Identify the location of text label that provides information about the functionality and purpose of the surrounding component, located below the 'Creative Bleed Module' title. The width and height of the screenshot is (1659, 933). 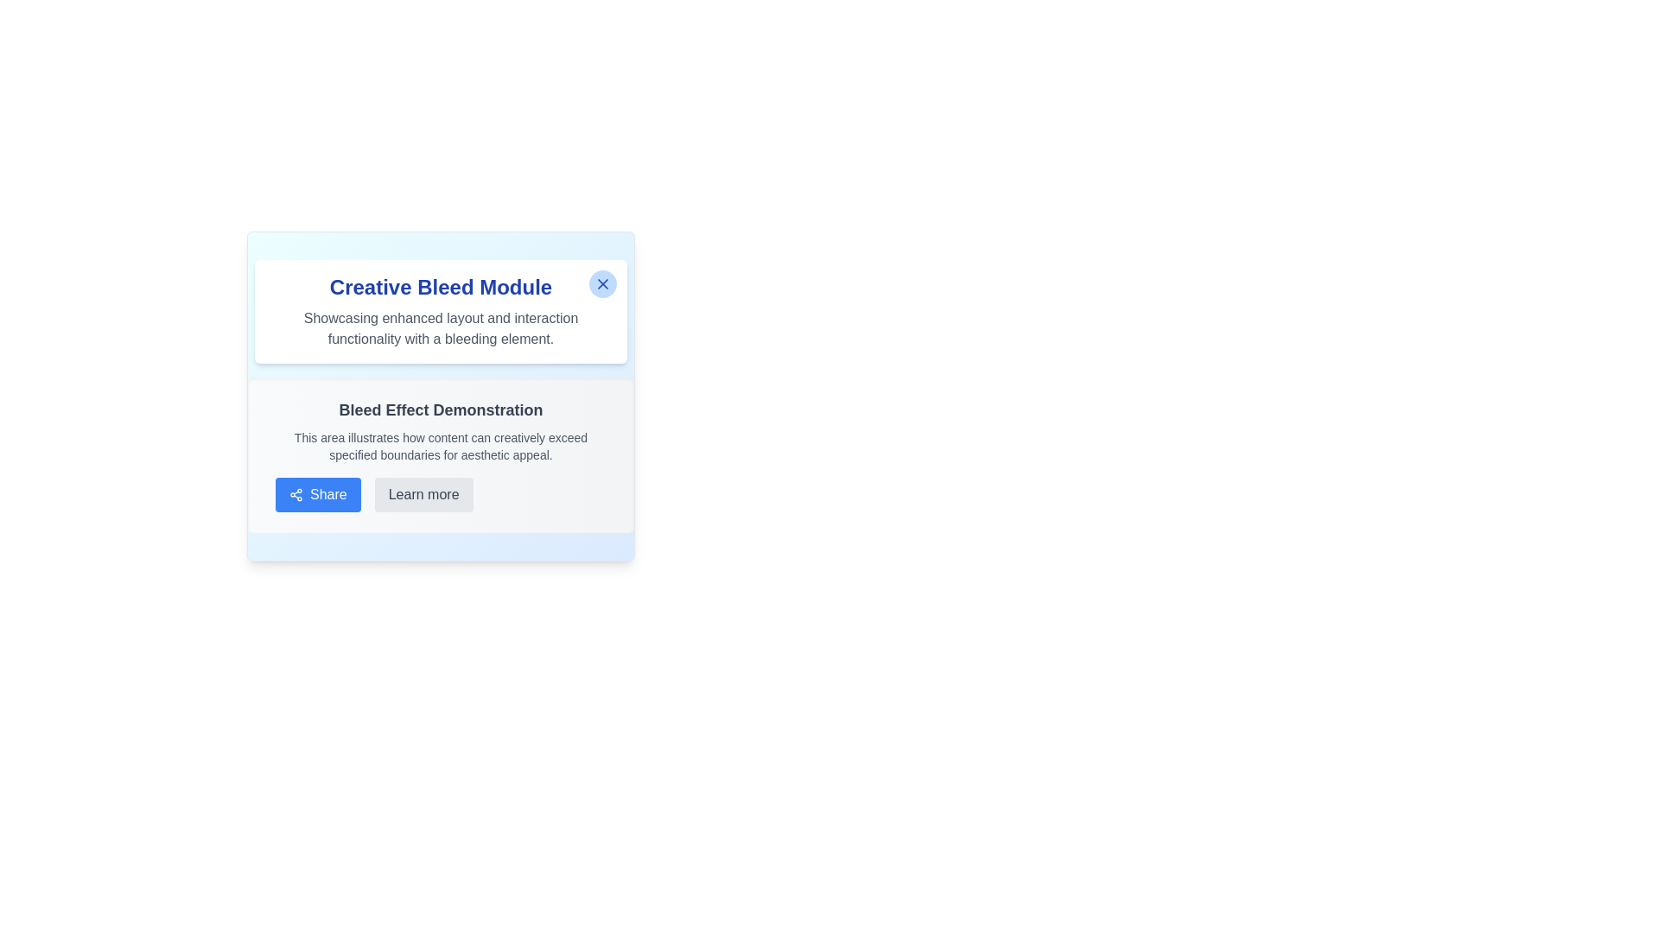
(441, 329).